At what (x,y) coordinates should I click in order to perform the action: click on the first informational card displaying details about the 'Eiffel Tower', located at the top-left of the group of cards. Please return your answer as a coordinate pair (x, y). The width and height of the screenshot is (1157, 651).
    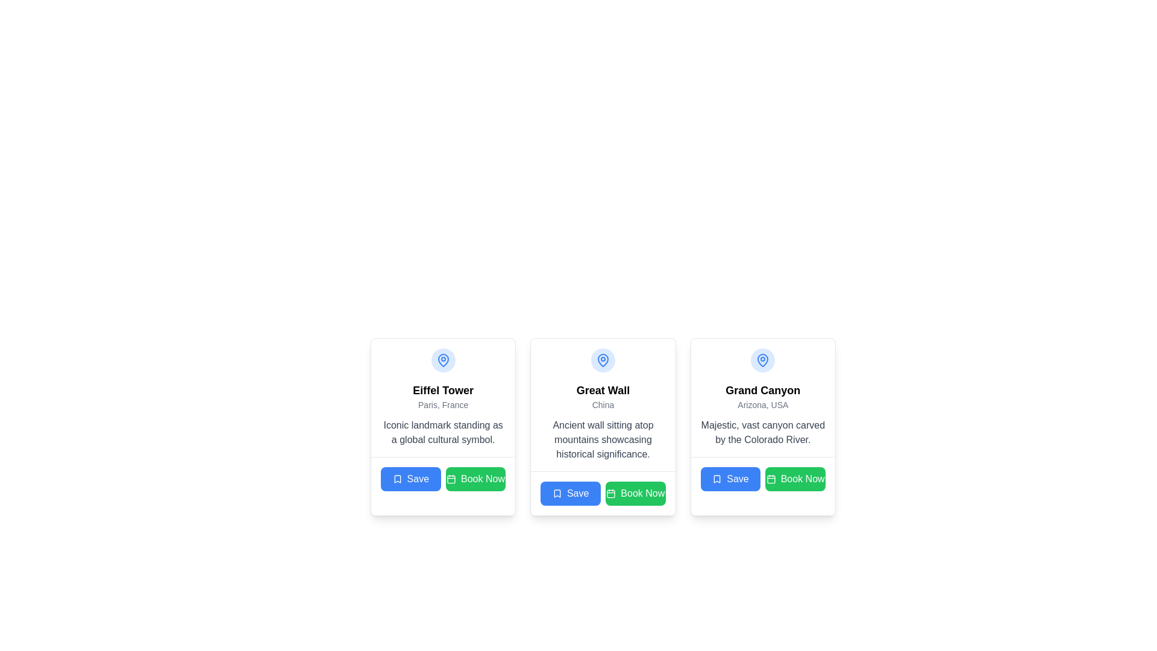
    Looking at the image, I should click on (442, 397).